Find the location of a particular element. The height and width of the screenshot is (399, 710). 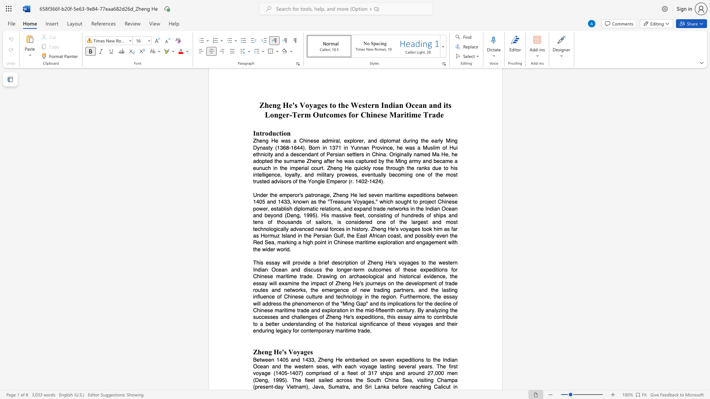

the subset text "sent-day Viet" within the text "of a fleet of 317 ships and around 27,000 men (Deng, 1995). The fleet sailed across the South China Sea, visiting Champa (present-day Vietnam), Java, Sumatra, and Sri Lanka before reaching" is located at coordinates (263, 386).